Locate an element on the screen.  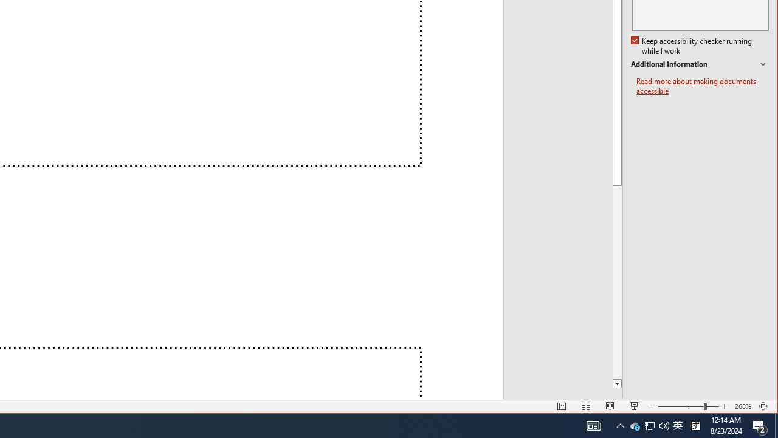
'Q2790: 100%' is located at coordinates (620, 425).